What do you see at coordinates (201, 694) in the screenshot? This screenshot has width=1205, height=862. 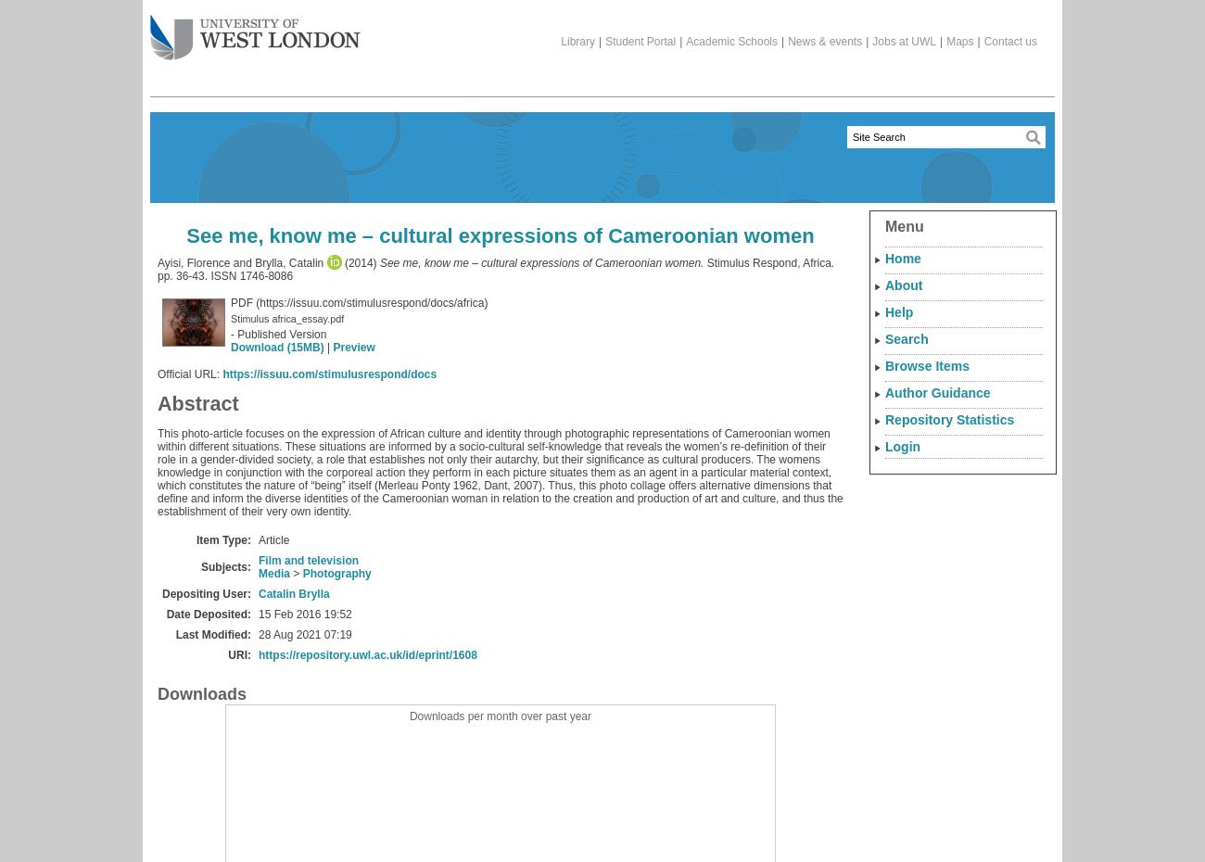 I see `'Downloads'` at bounding box center [201, 694].